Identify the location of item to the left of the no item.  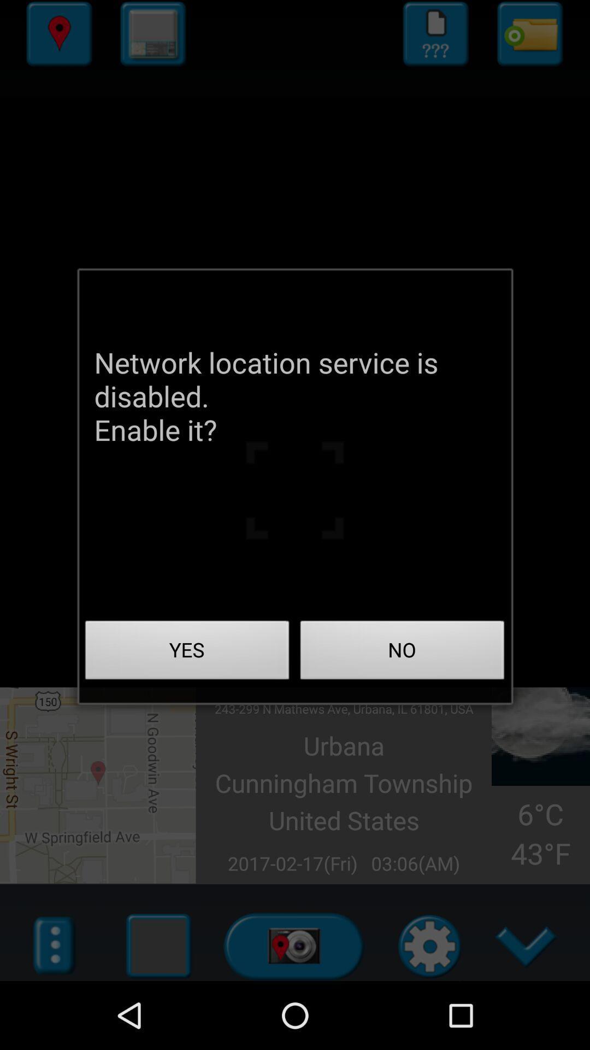
(187, 653).